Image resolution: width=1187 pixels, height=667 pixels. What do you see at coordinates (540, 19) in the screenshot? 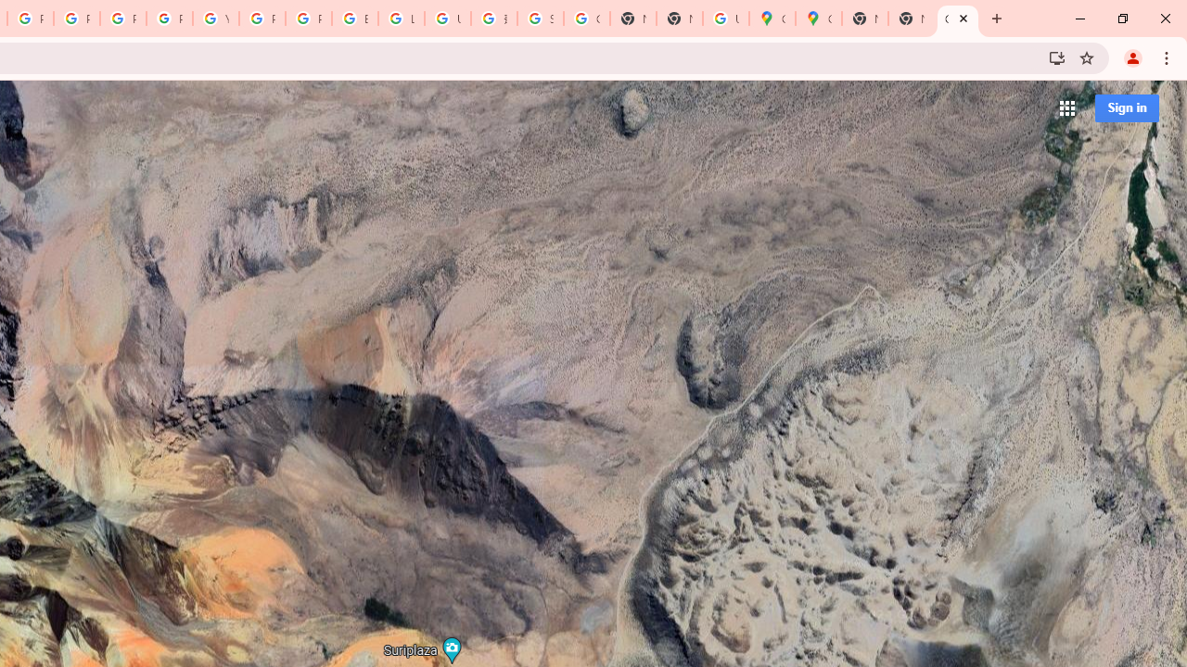
I see `'Sign in - Google Accounts'` at bounding box center [540, 19].